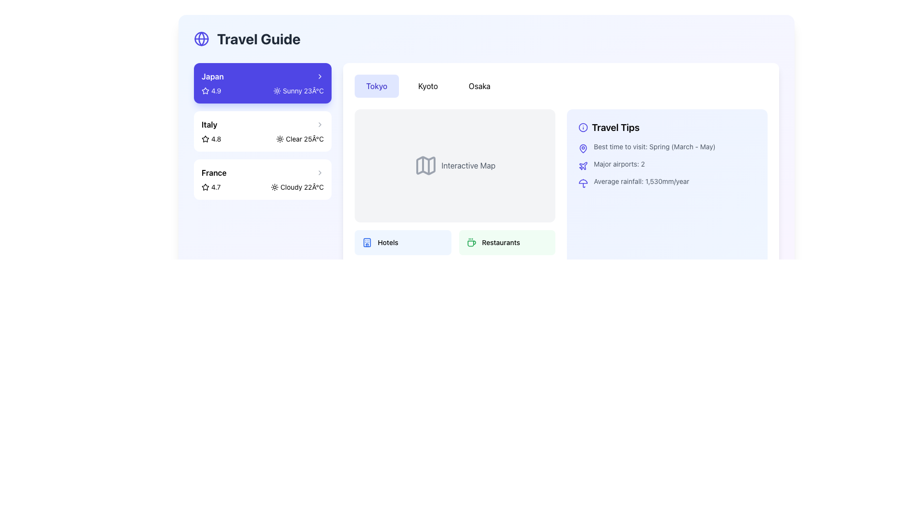 This screenshot has width=924, height=520. I want to click on the outer circle of the globe icon located next to the 'Travel Guide' heading in the top-left section of the interface, so click(201, 39).